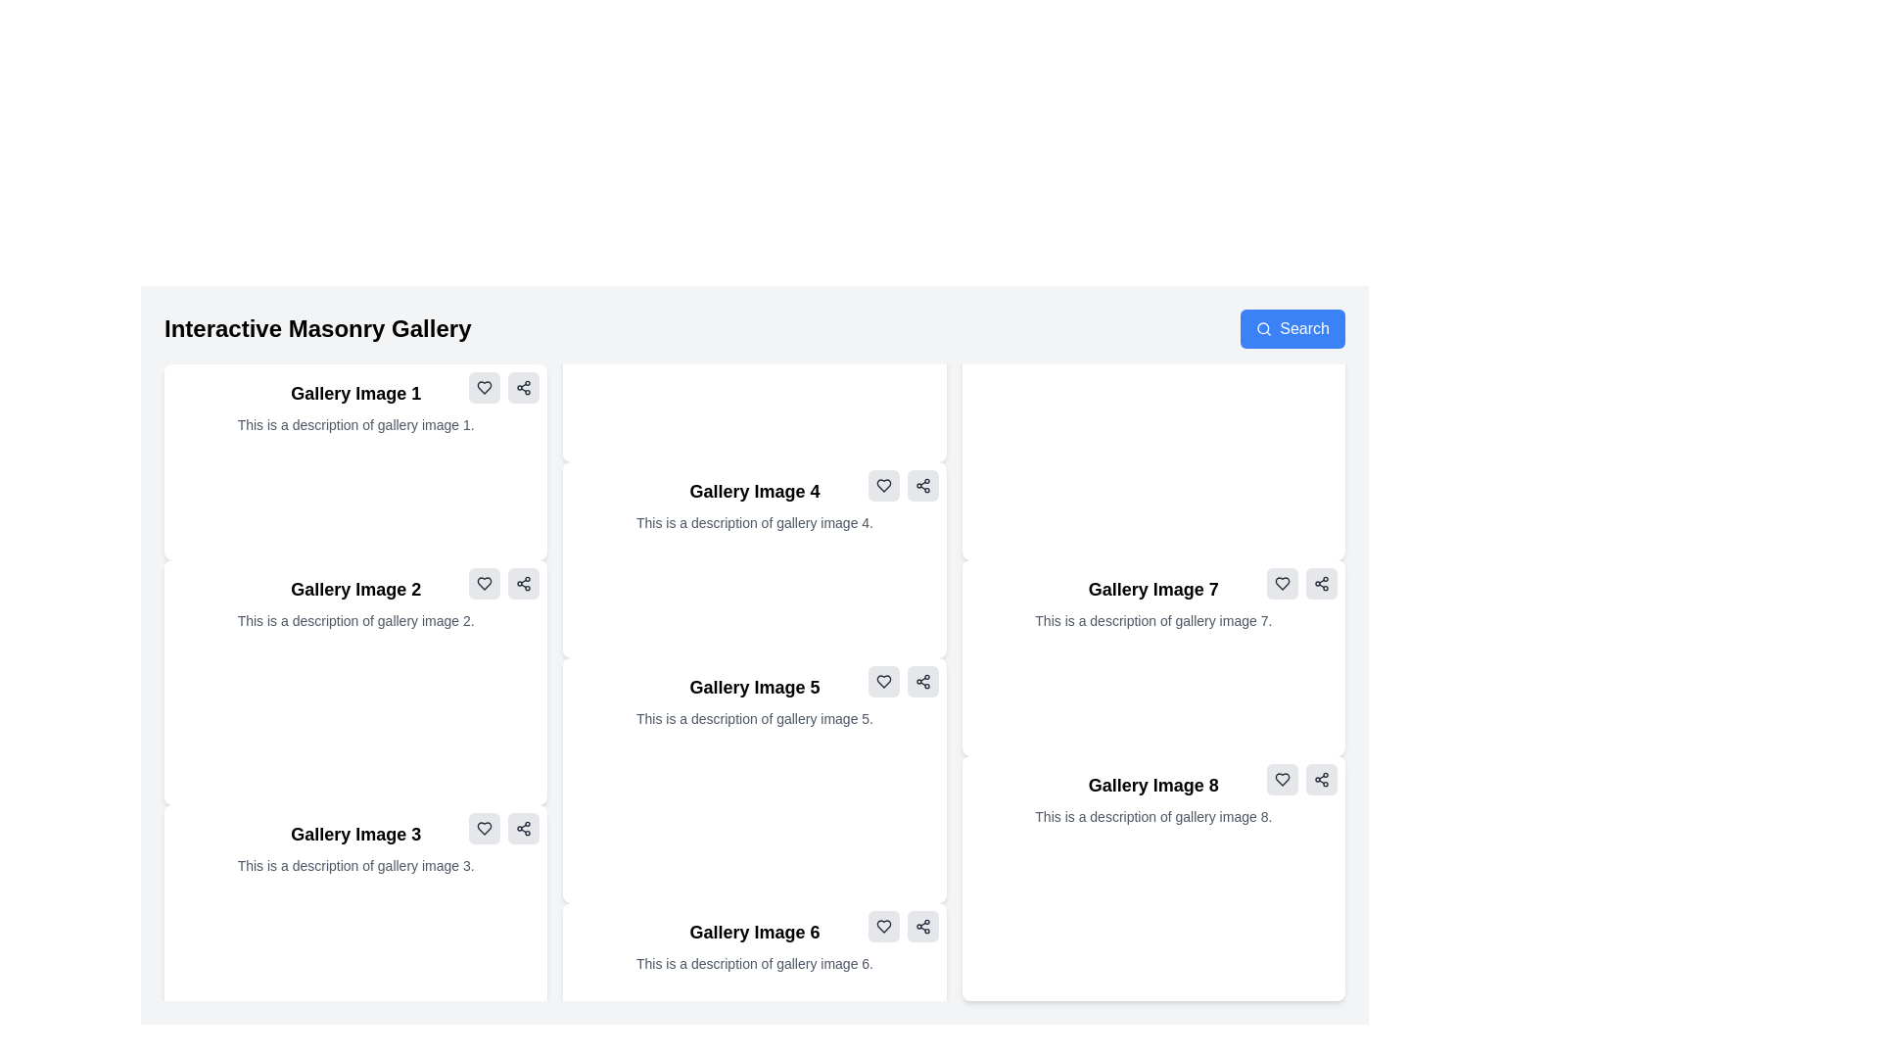  I want to click on the share icon located in the top-right corner of the 'Gallery Image 4' card to initiate sharing, so click(921, 485).